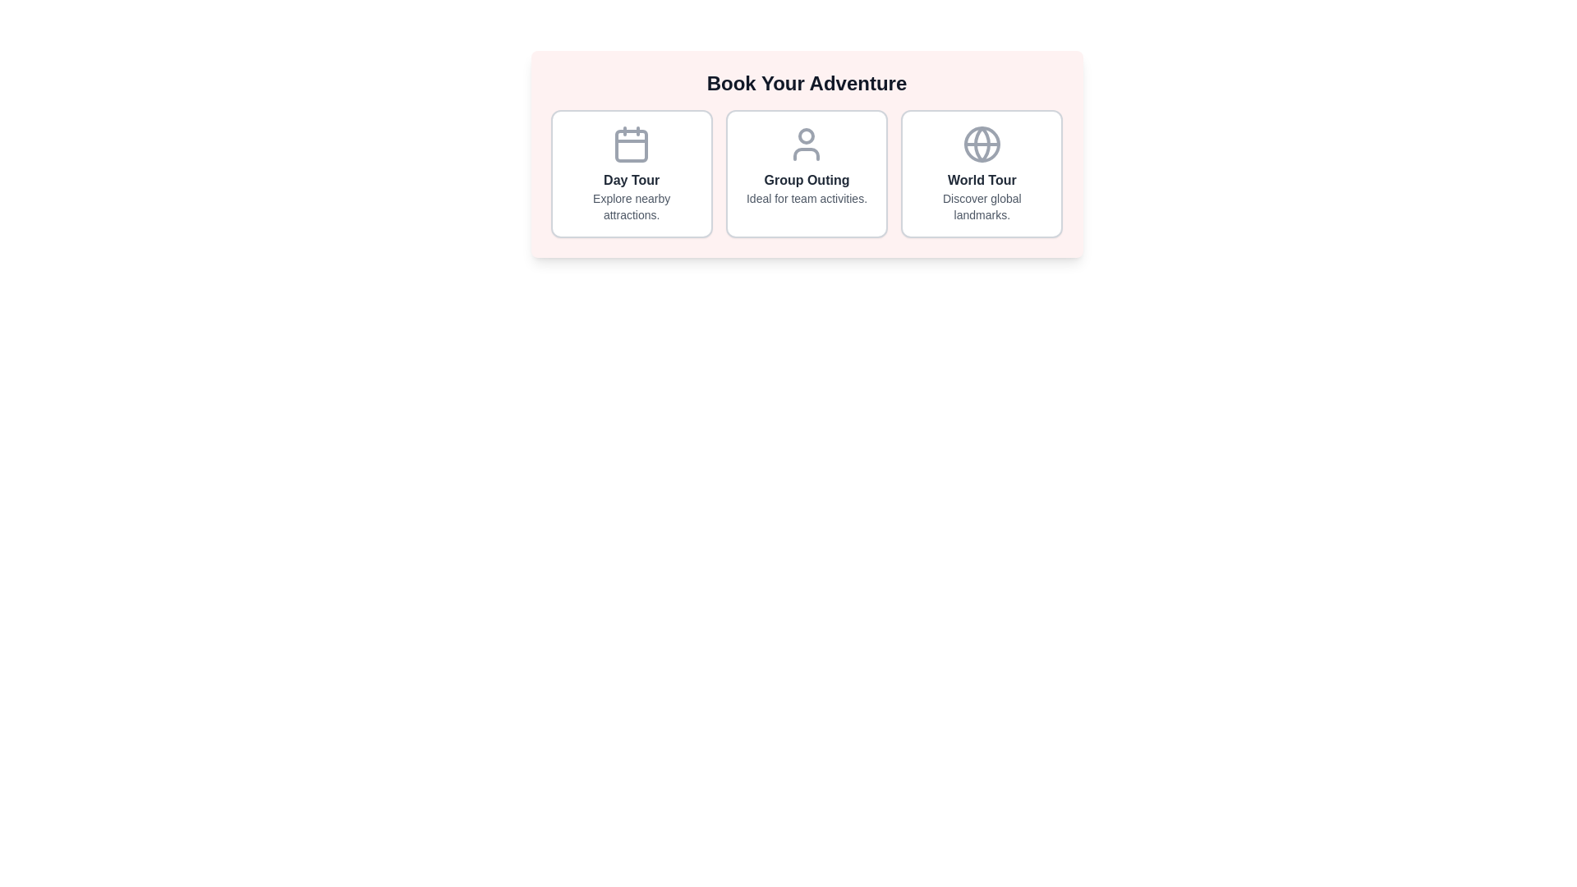  I want to click on the text element that serves as a brief description for the 'World Tour' choice located below the bolded title 'World Tour' in the third box from the left under 'Book Your Adventure', so click(982, 205).